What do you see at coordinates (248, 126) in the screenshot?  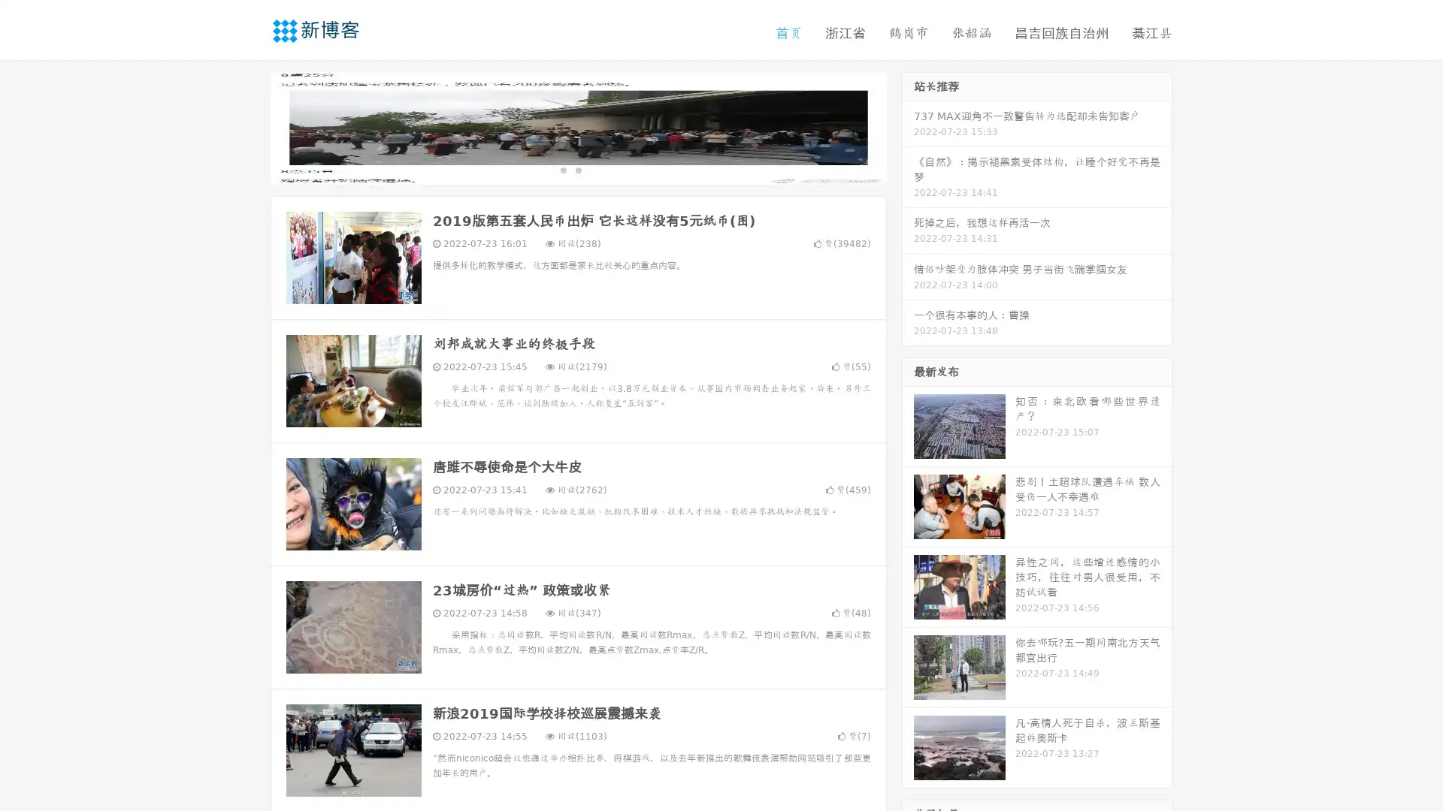 I see `Previous slide` at bounding box center [248, 126].